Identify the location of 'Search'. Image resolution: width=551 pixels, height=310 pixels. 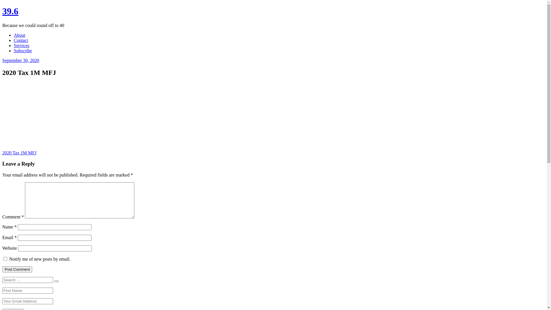
(56, 281).